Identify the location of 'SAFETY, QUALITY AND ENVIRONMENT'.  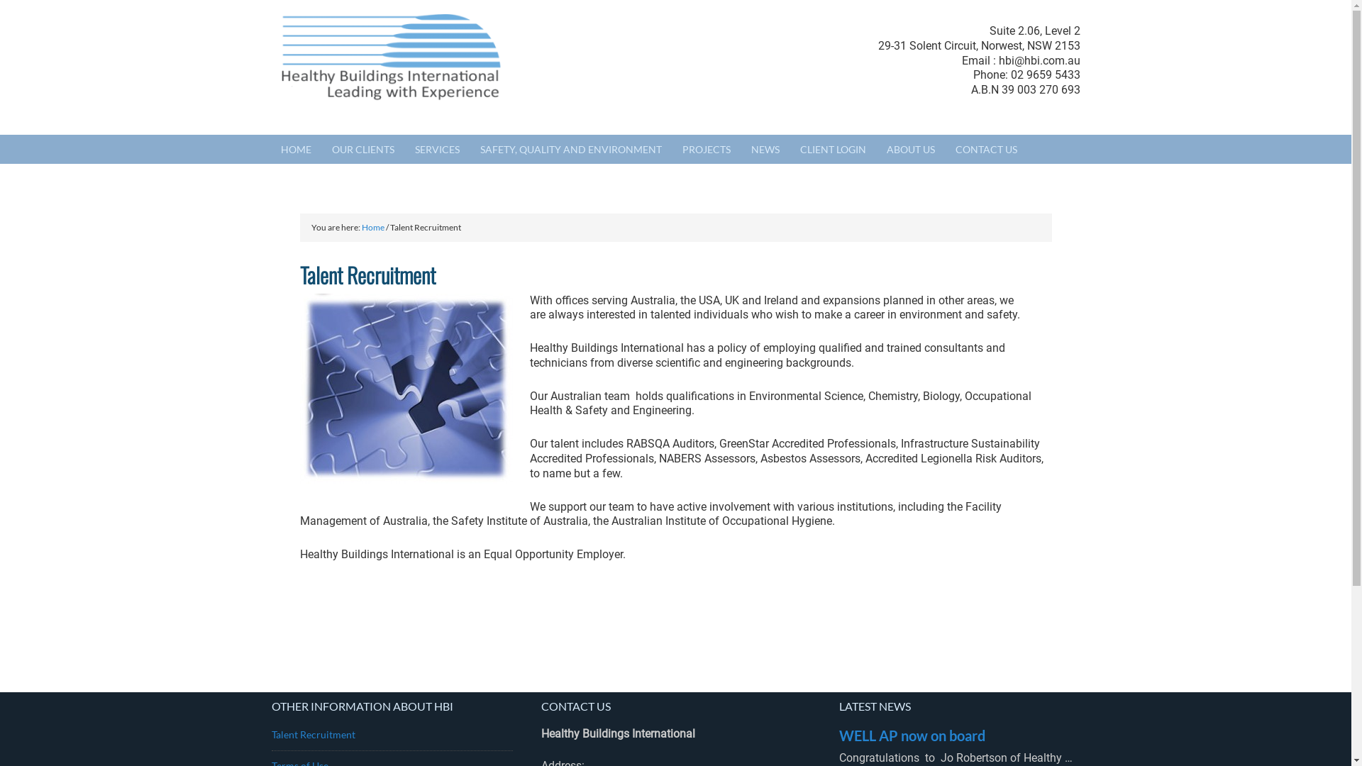
(571, 149).